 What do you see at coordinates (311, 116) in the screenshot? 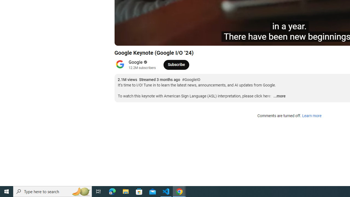
I see `'Learn more'` at bounding box center [311, 116].